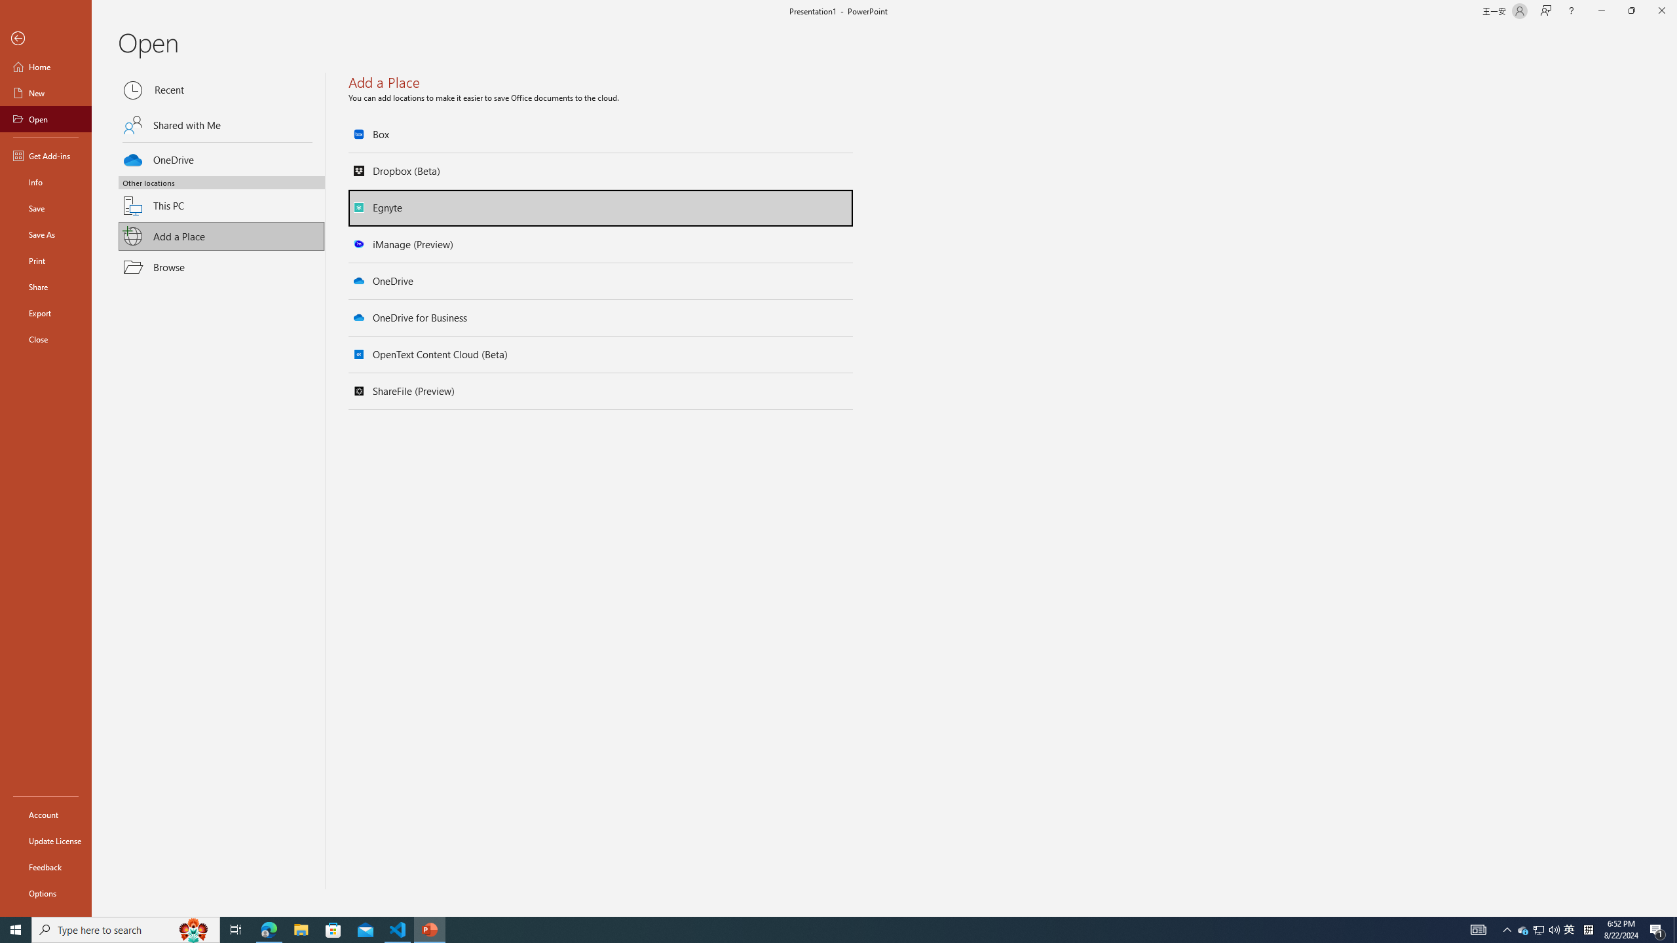  What do you see at coordinates (45, 92) in the screenshot?
I see `'New'` at bounding box center [45, 92].